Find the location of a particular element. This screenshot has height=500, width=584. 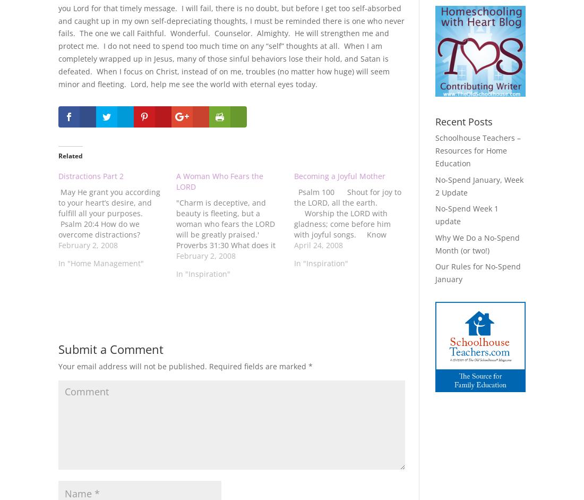

'Your email address will not be published.' is located at coordinates (133, 366).